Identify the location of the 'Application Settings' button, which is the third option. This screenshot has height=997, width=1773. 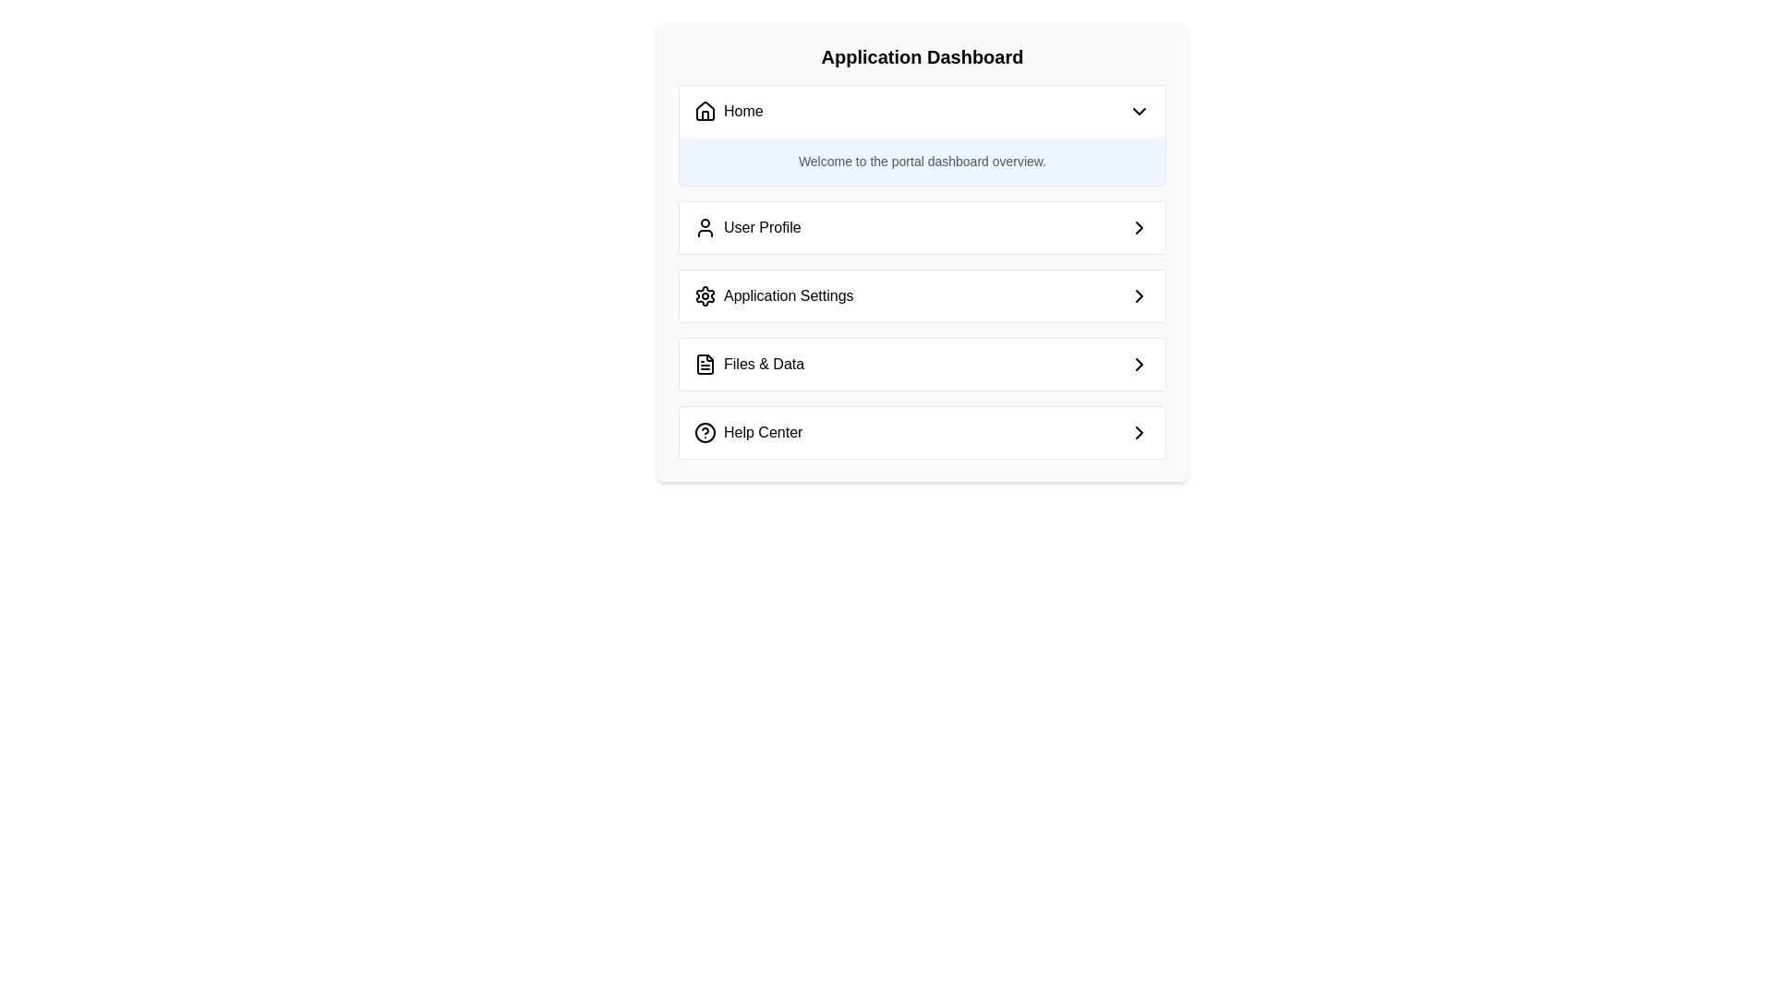
(922, 294).